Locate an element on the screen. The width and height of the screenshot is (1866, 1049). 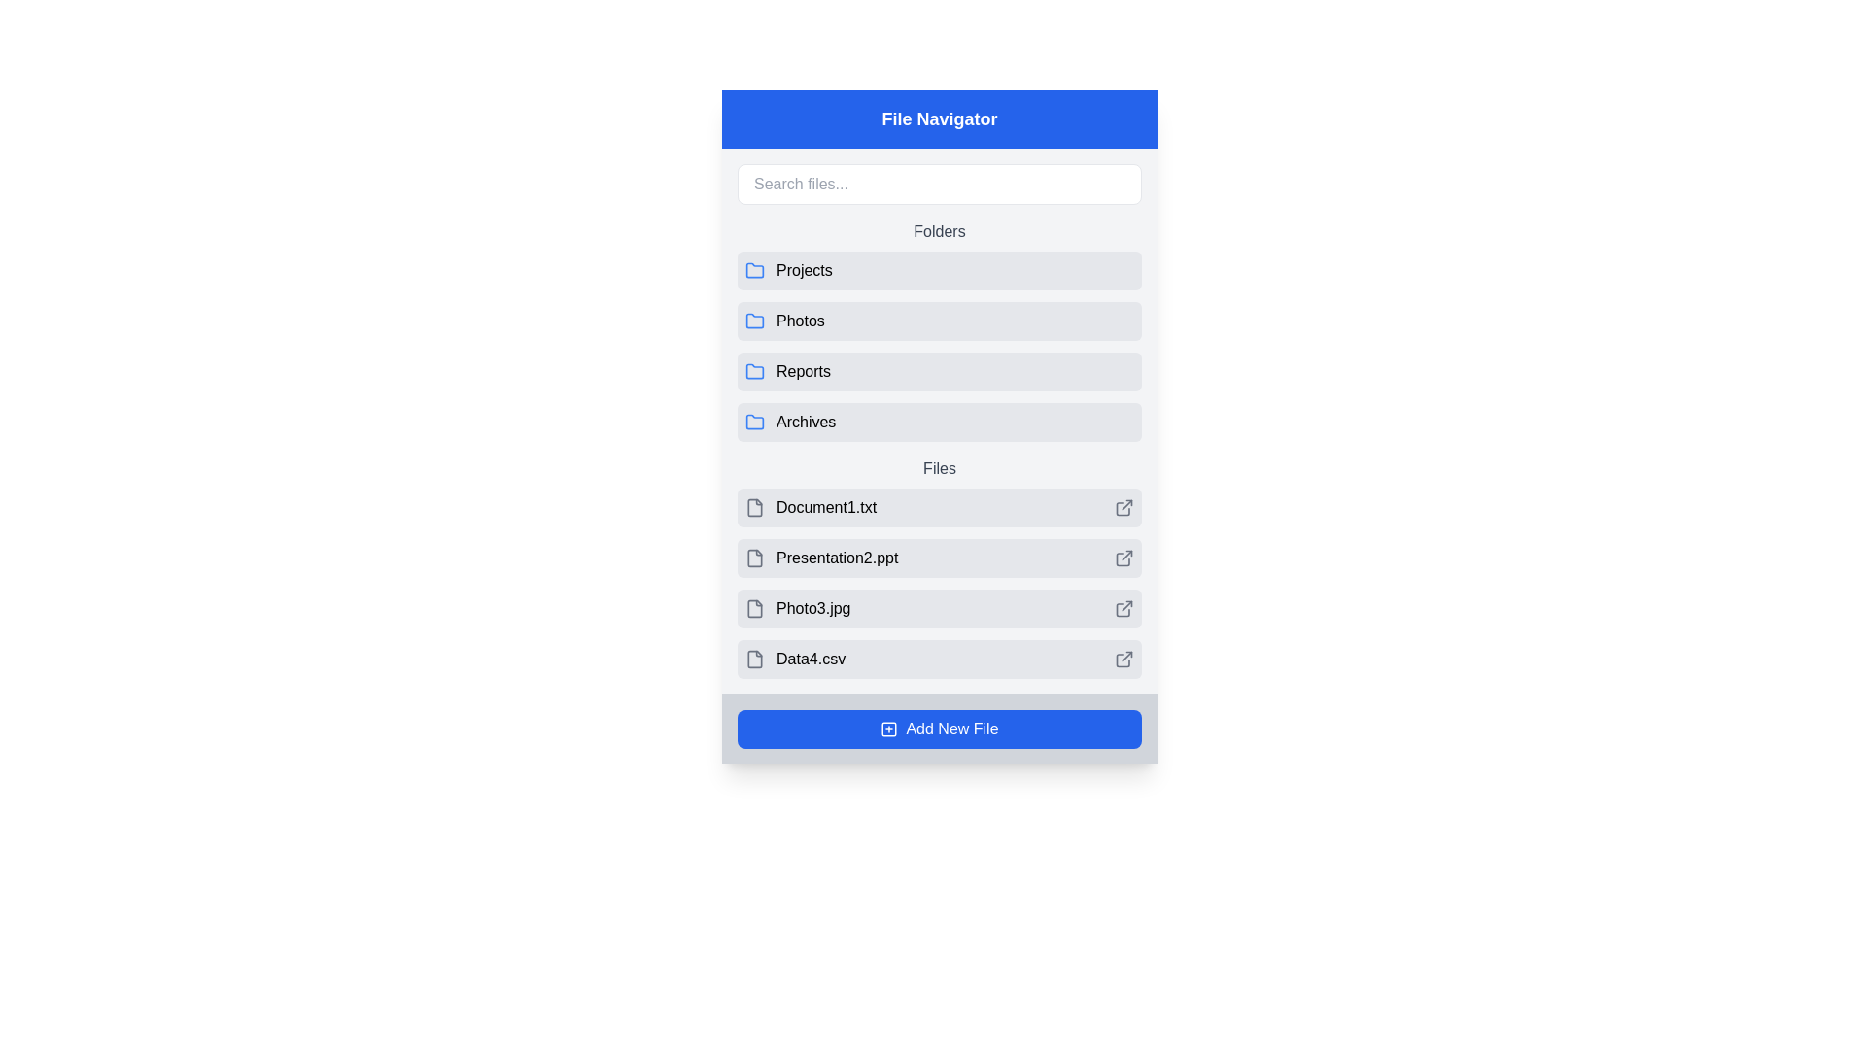
the external link icon button located to the right of the 'Presentation2.ppt' file name in the 'Files' section is located at coordinates (1126, 556).